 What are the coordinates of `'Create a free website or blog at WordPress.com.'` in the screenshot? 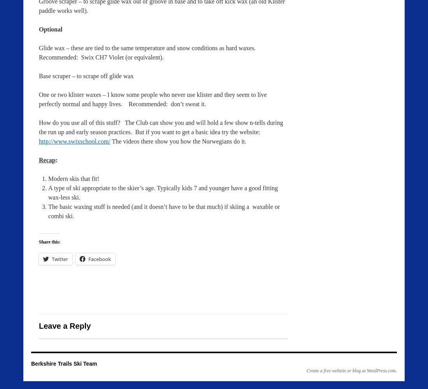 It's located at (351, 370).